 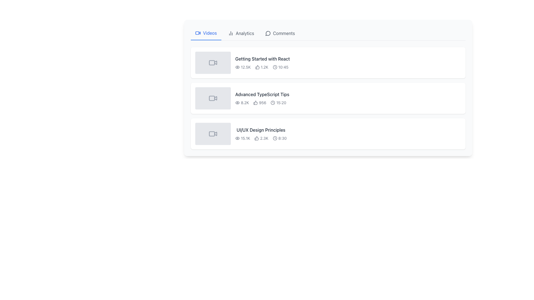 What do you see at coordinates (262, 67) in the screenshot?
I see `the likes count displayed below the title 'Getting Started with React' in the first video tile under the 'Videos' tab, which shows '1.2K' likes` at bounding box center [262, 67].